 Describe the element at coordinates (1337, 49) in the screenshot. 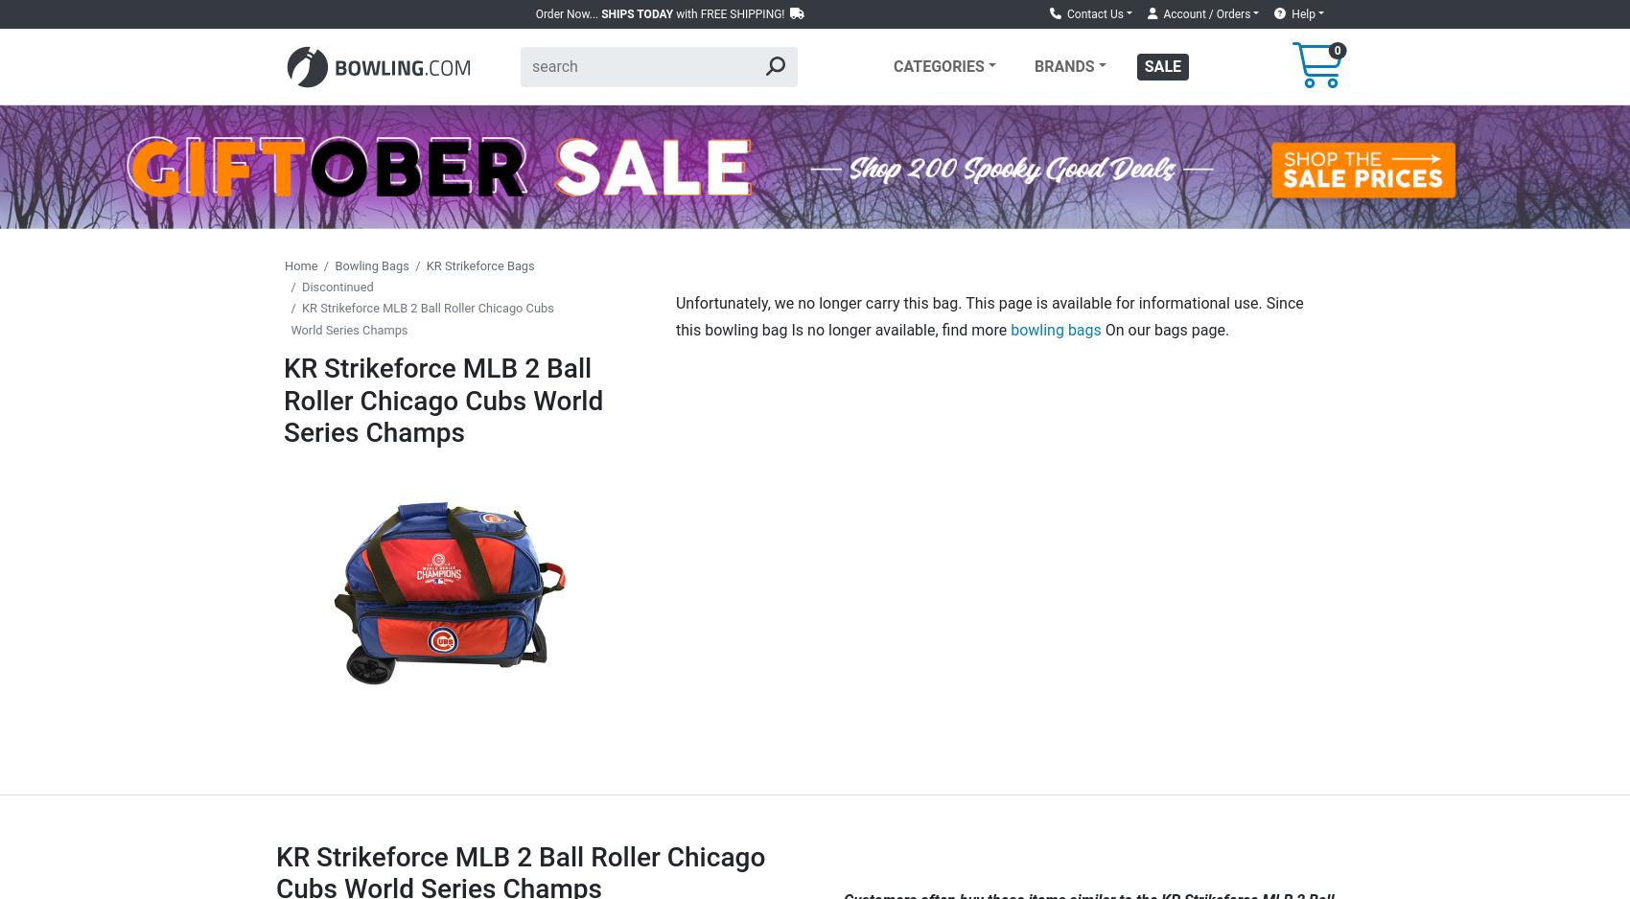

I see `'0'` at that location.